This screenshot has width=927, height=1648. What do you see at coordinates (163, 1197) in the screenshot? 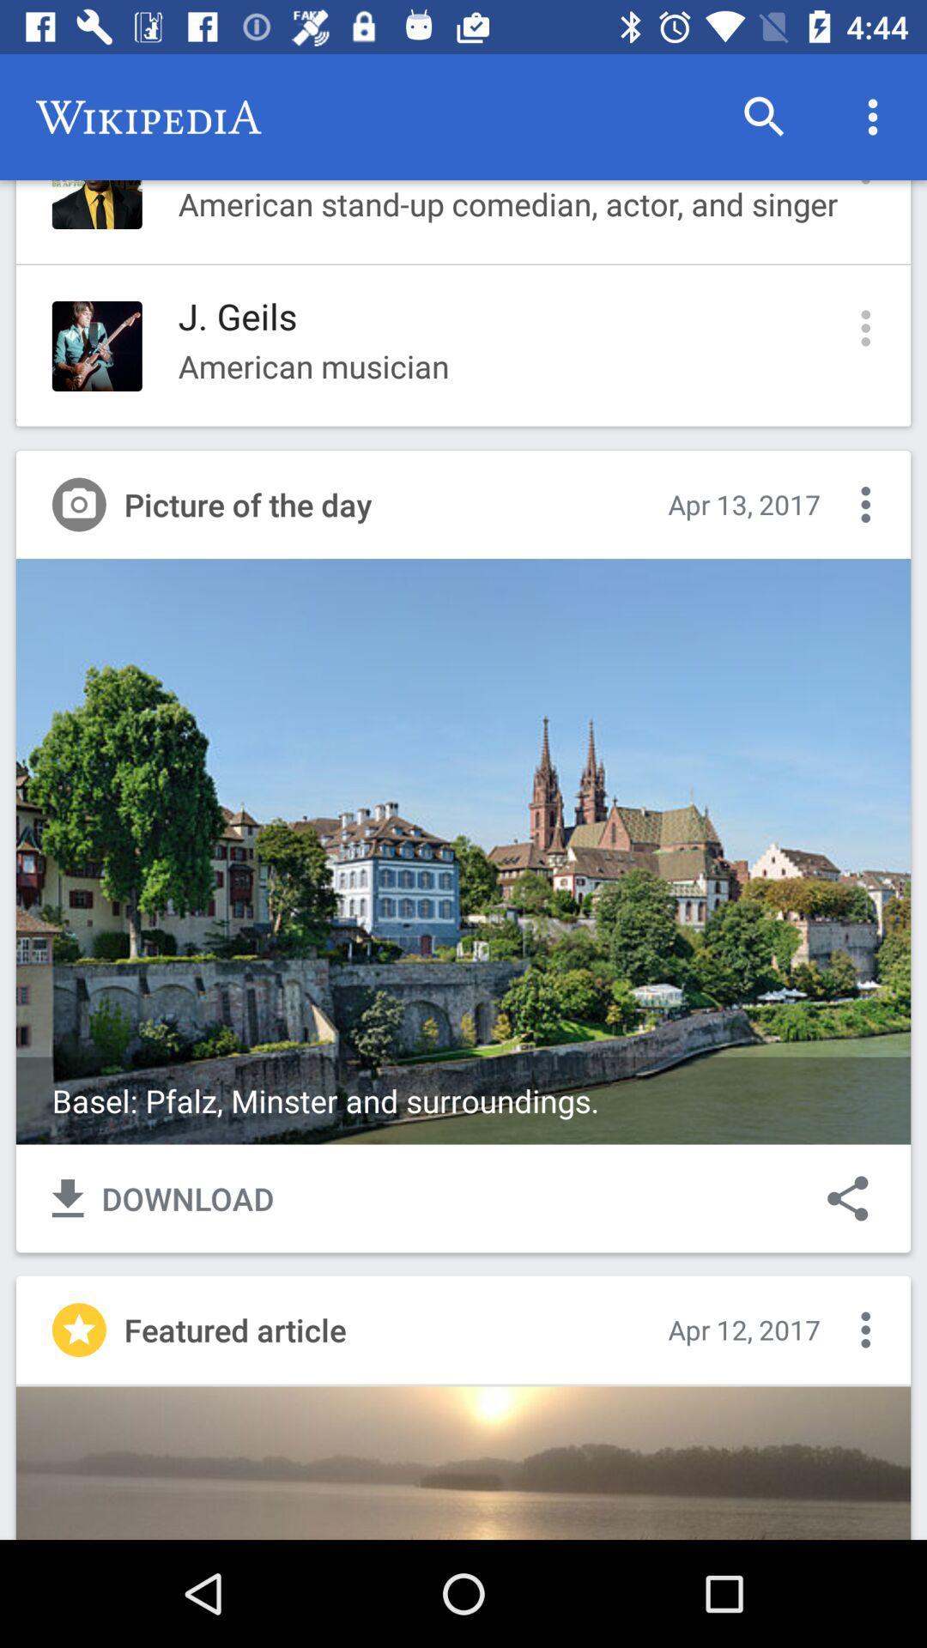
I see `the option download which is above featured article` at bounding box center [163, 1197].